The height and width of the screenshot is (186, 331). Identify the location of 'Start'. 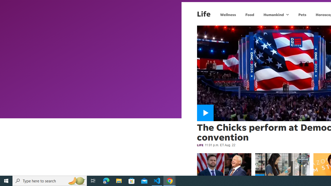
(6, 180).